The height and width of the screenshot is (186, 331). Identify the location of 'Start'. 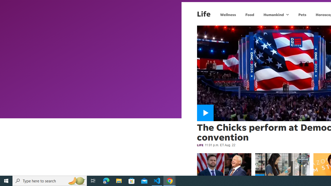
(6, 180).